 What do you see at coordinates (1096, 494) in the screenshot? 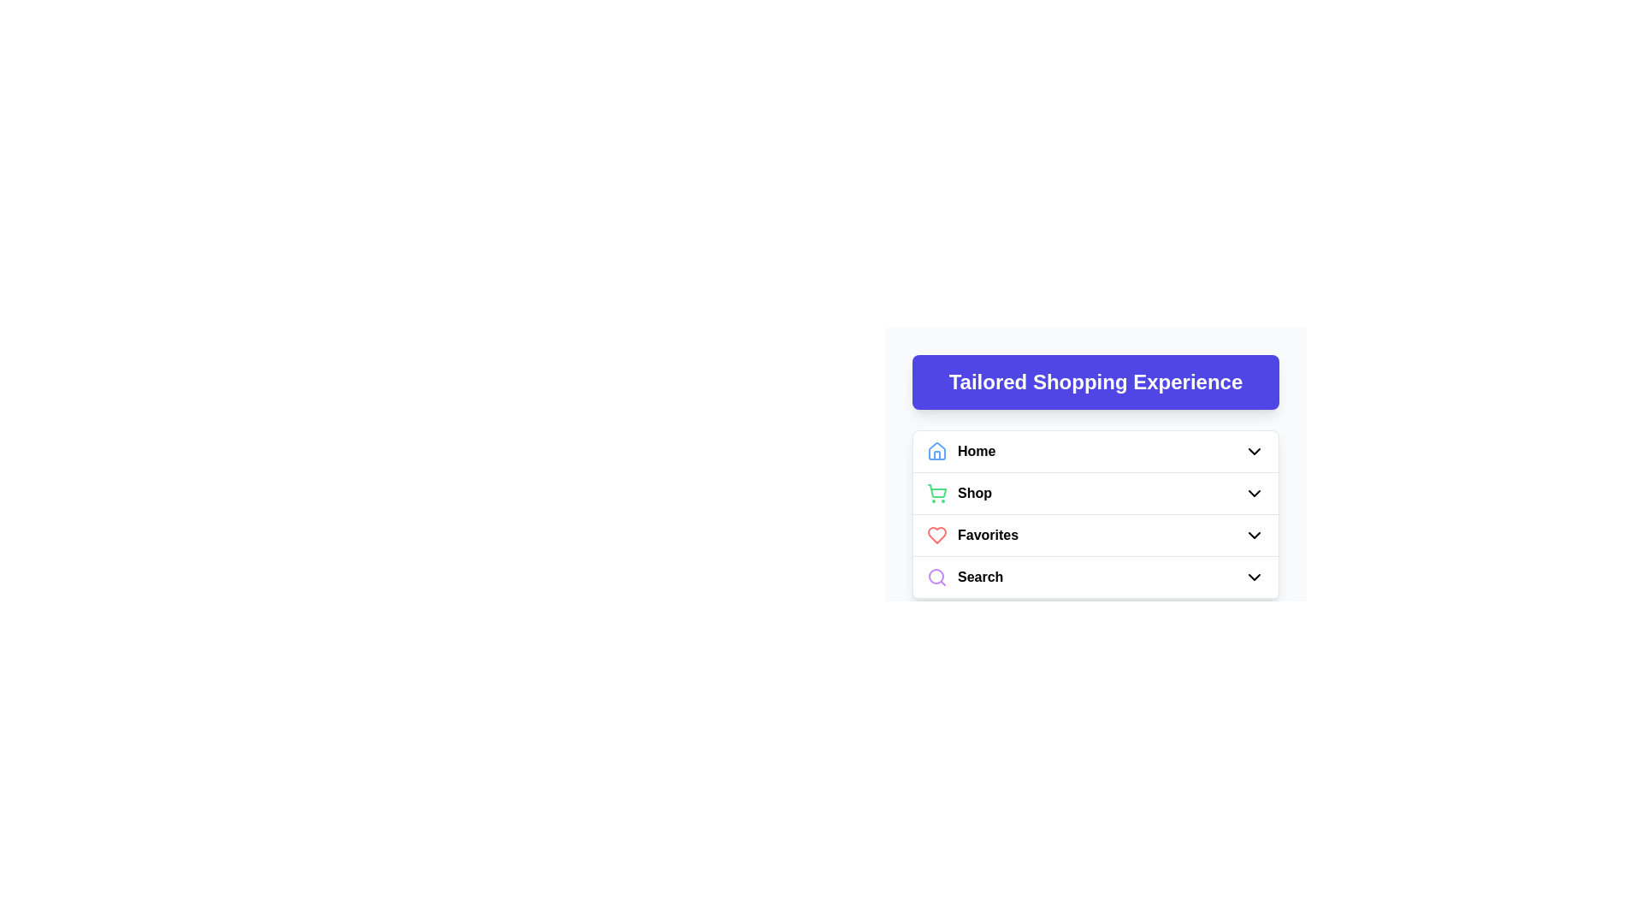
I see `the 'Shop' menu item, which is the second item under 'Tailored Shopping Experience'` at bounding box center [1096, 494].